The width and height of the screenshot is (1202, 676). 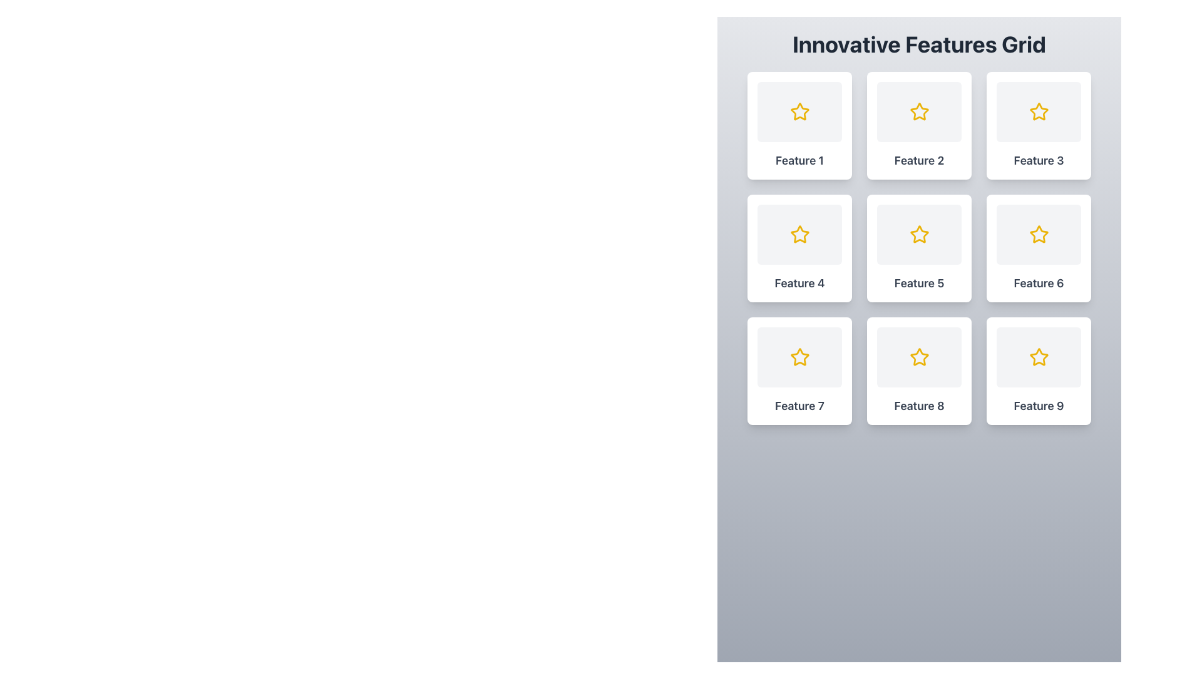 I want to click on the Interactive Tile representing 'Feature 8', so click(x=919, y=371).